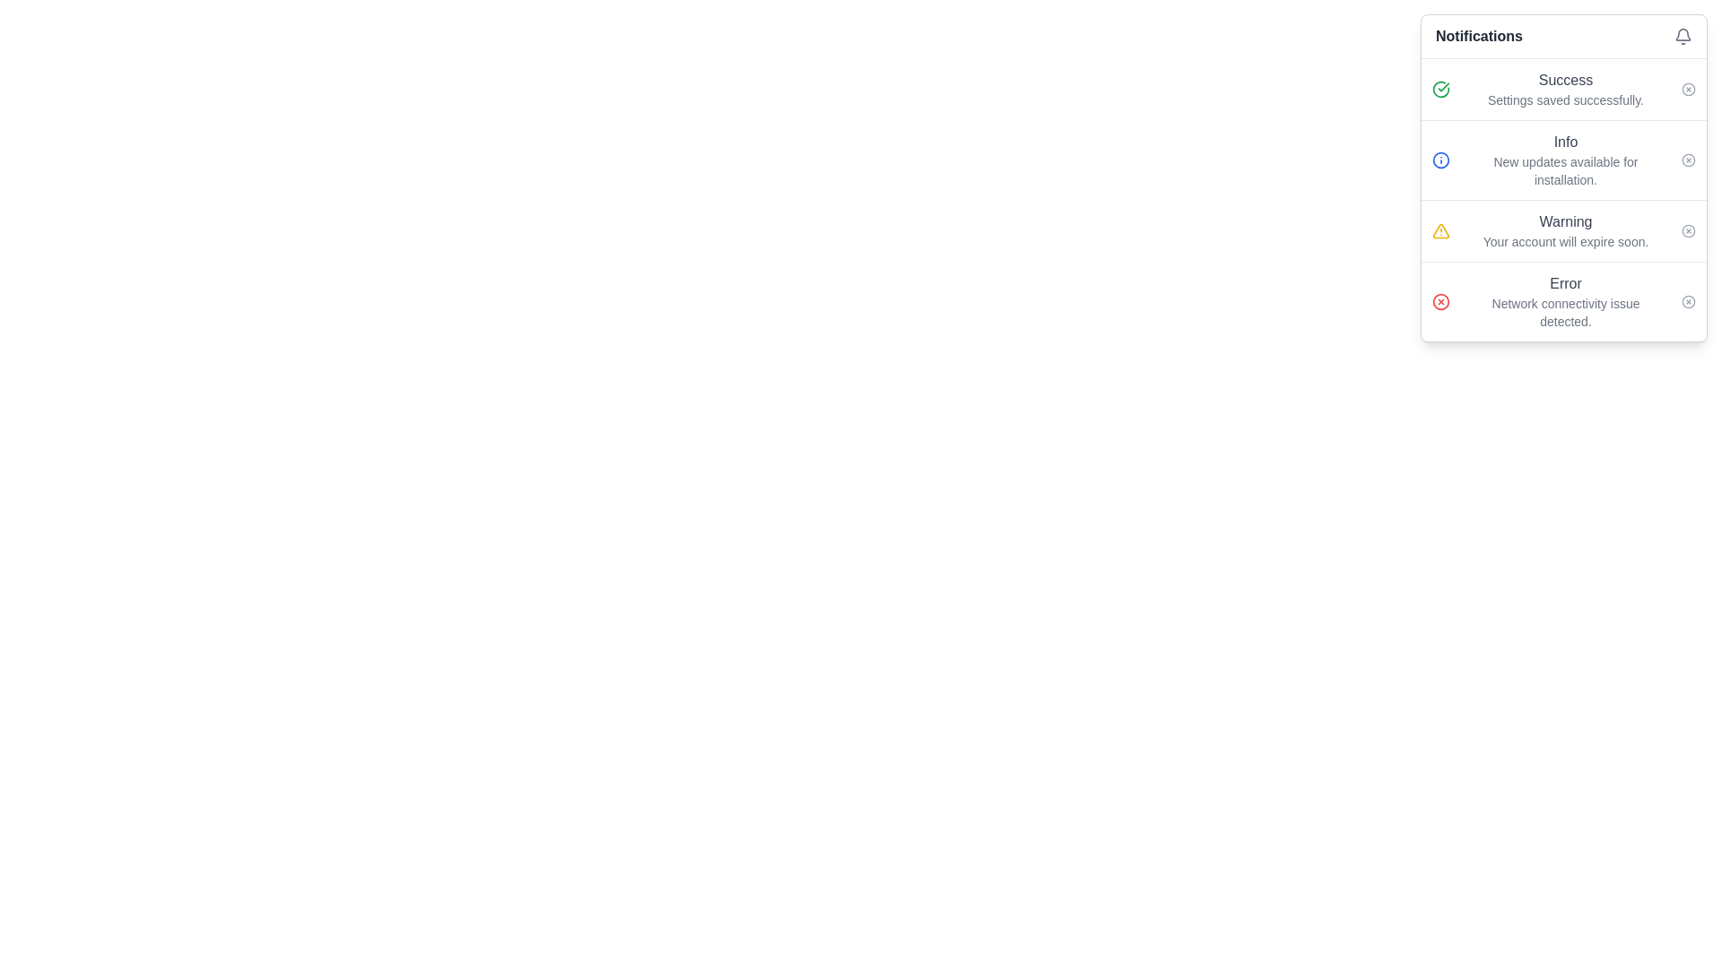  I want to click on the circular icon with a blue border and white background, which is part of the second notification entry associated with the text 'Info', so click(1441, 159).